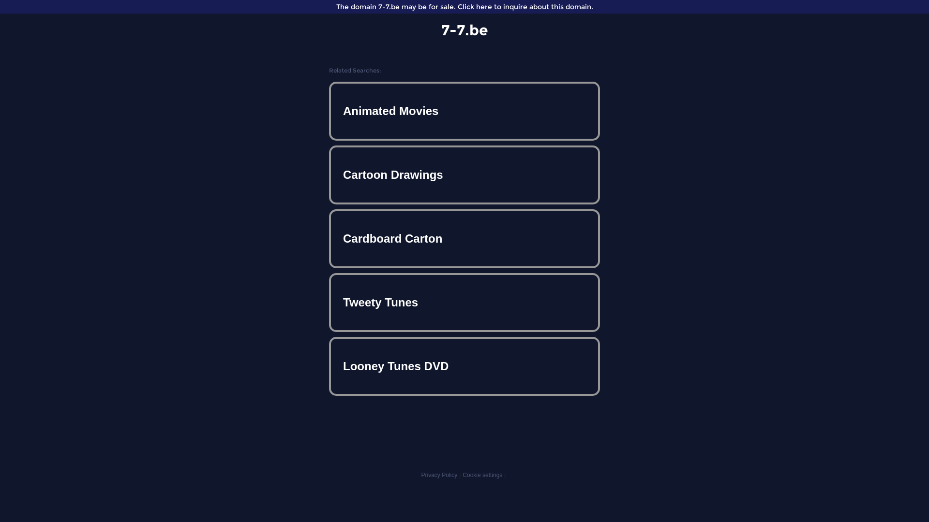 The image size is (929, 522). I want to click on 'Looney Tunes DVD', so click(331, 366).